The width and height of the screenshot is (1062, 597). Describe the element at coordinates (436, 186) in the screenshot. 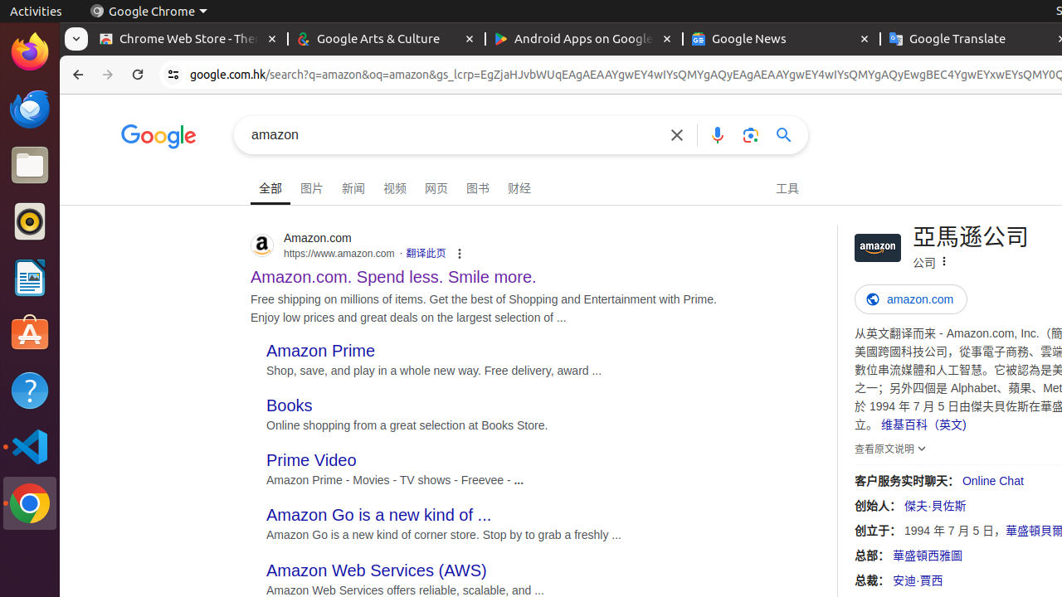

I see `'网页'` at that location.